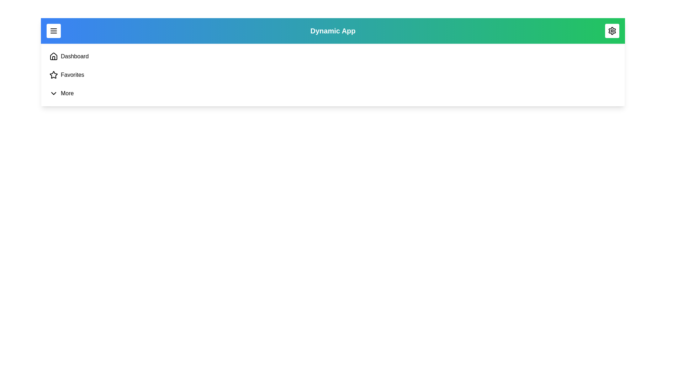  I want to click on the navigation link labeled More, so click(67, 93).